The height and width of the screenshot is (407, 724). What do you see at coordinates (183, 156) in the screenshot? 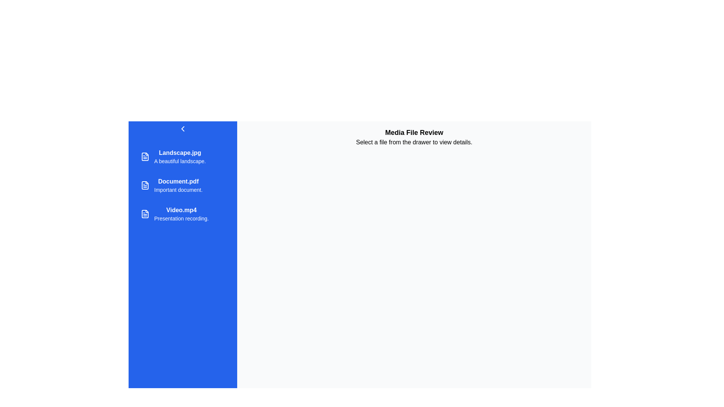
I see `to select the first file item labeled 'Landscape.jpg' in the left sidebar, which displays a description 'A beautiful landscape.'` at bounding box center [183, 156].